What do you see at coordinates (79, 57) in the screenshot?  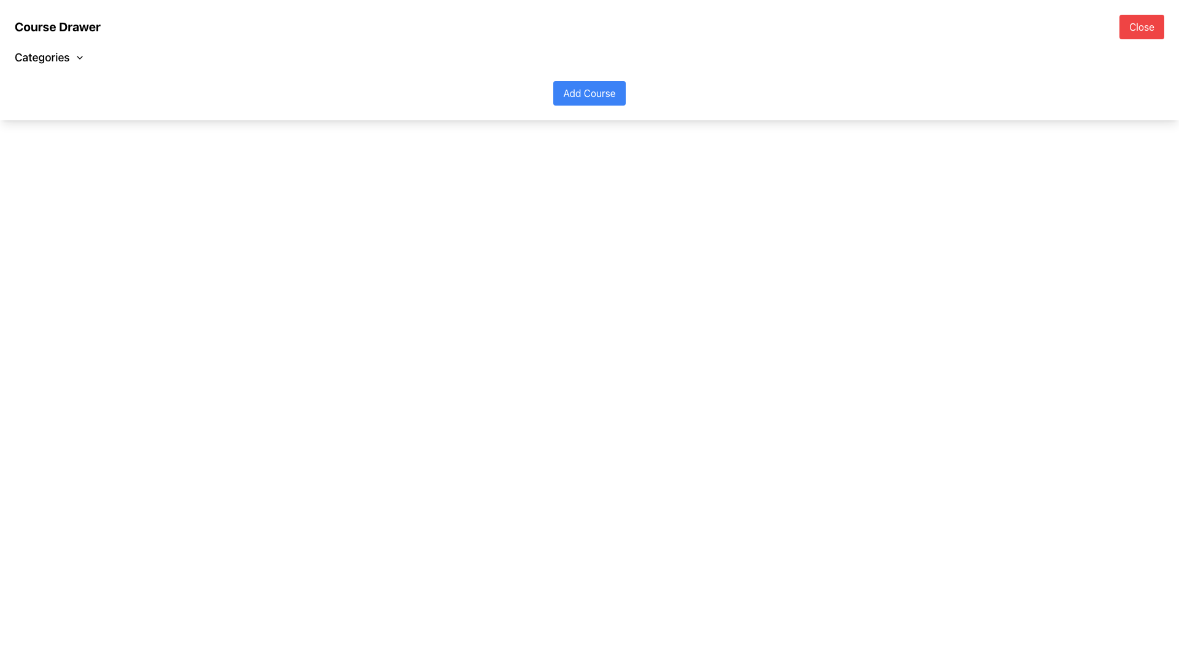 I see `the chevron icon next to the 'Categories' header` at bounding box center [79, 57].